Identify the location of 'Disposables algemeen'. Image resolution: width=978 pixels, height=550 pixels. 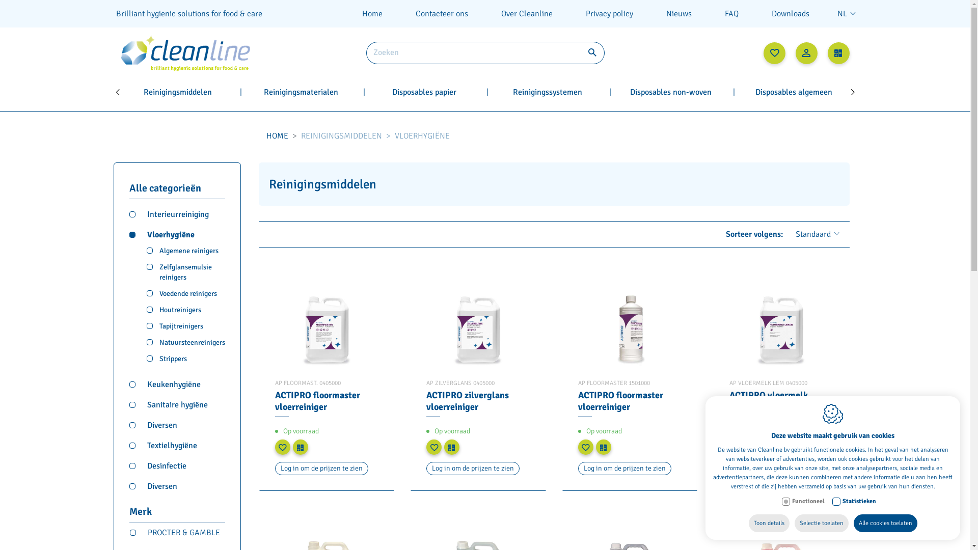
(793, 92).